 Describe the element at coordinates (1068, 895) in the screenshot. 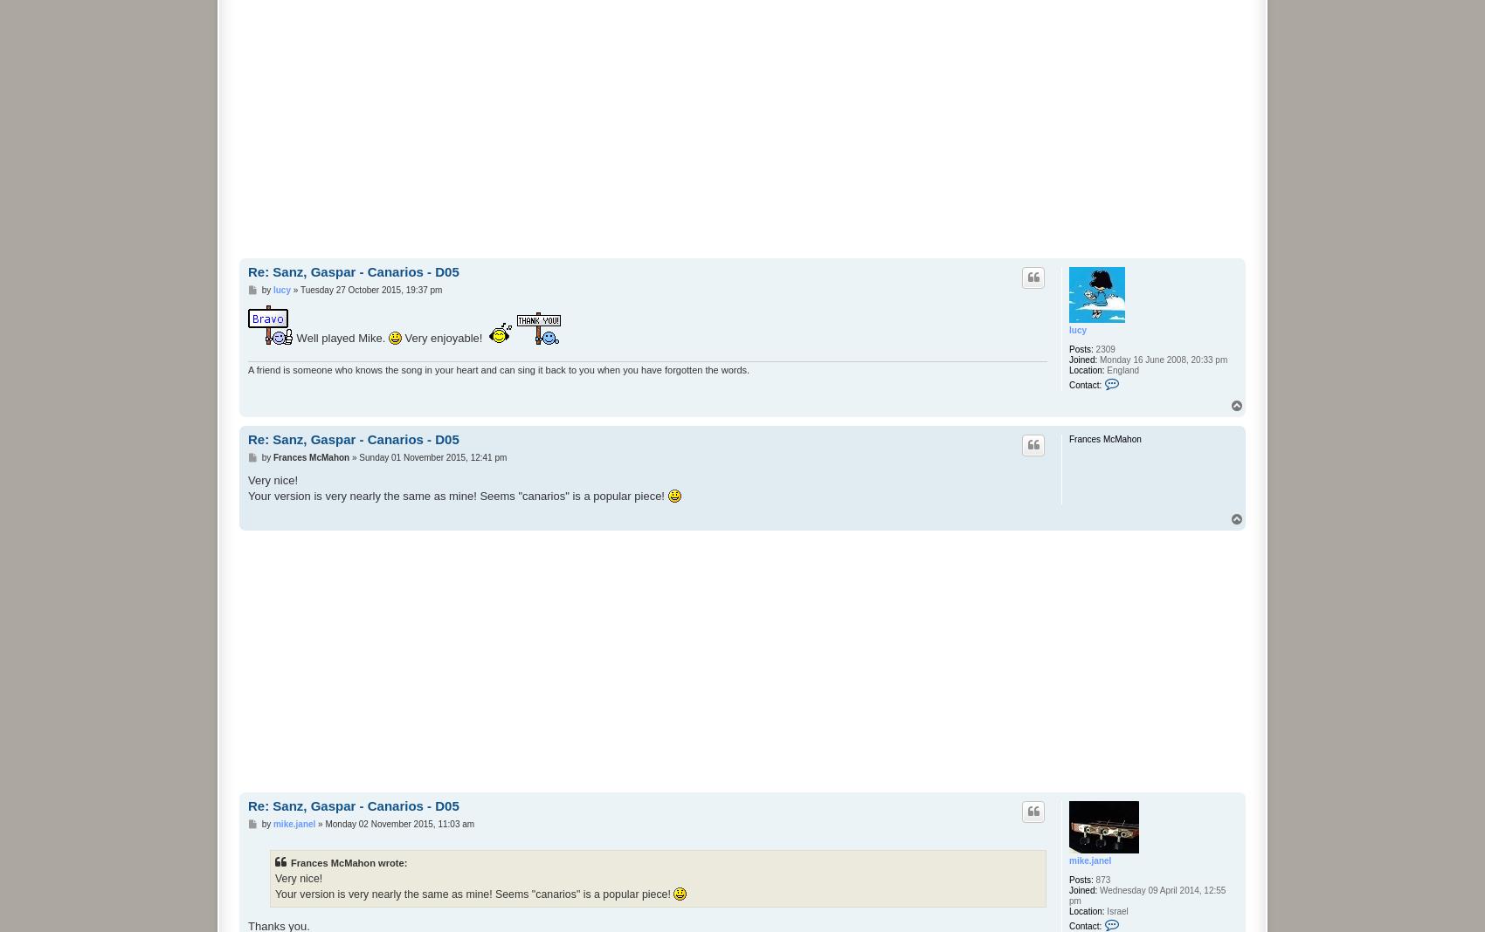

I see `'Wednesday 09 April 2014, 12:55 pm'` at that location.